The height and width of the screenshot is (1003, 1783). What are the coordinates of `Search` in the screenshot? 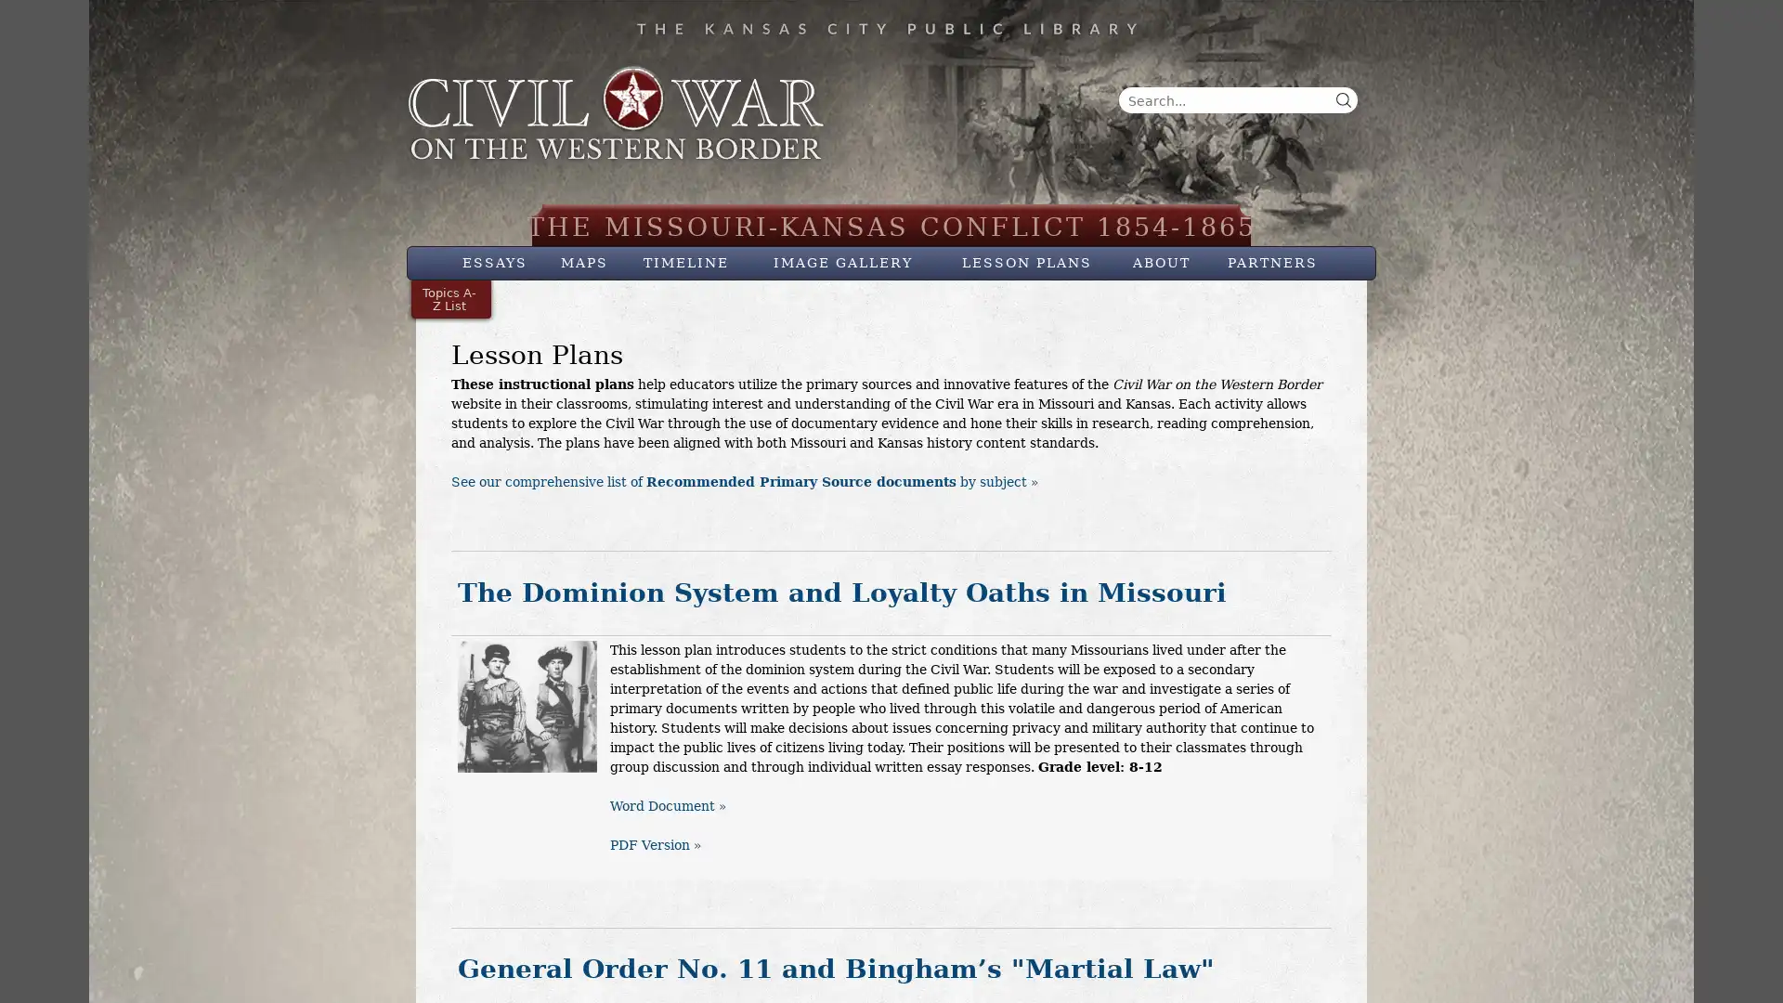 It's located at (1346, 100).